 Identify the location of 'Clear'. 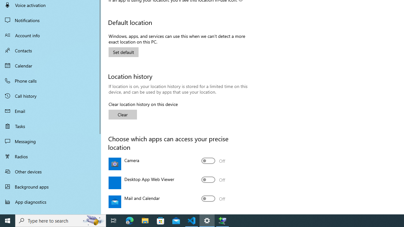
(123, 114).